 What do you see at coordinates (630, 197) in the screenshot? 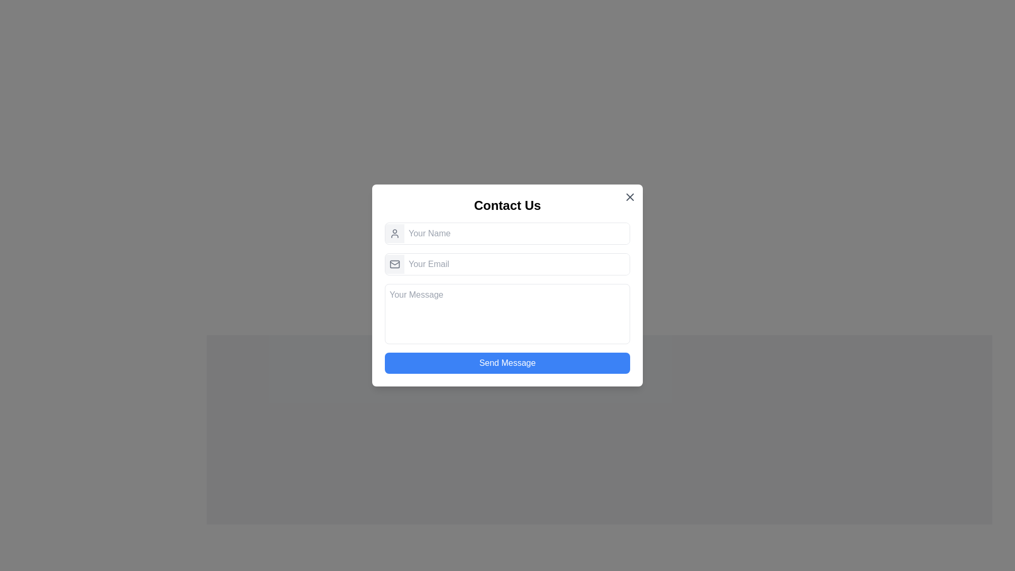
I see `the close button icon represented by a diagonal line forming part of an 'X' symbol in the top-right corner of the 'Contact Us' modal window` at bounding box center [630, 197].